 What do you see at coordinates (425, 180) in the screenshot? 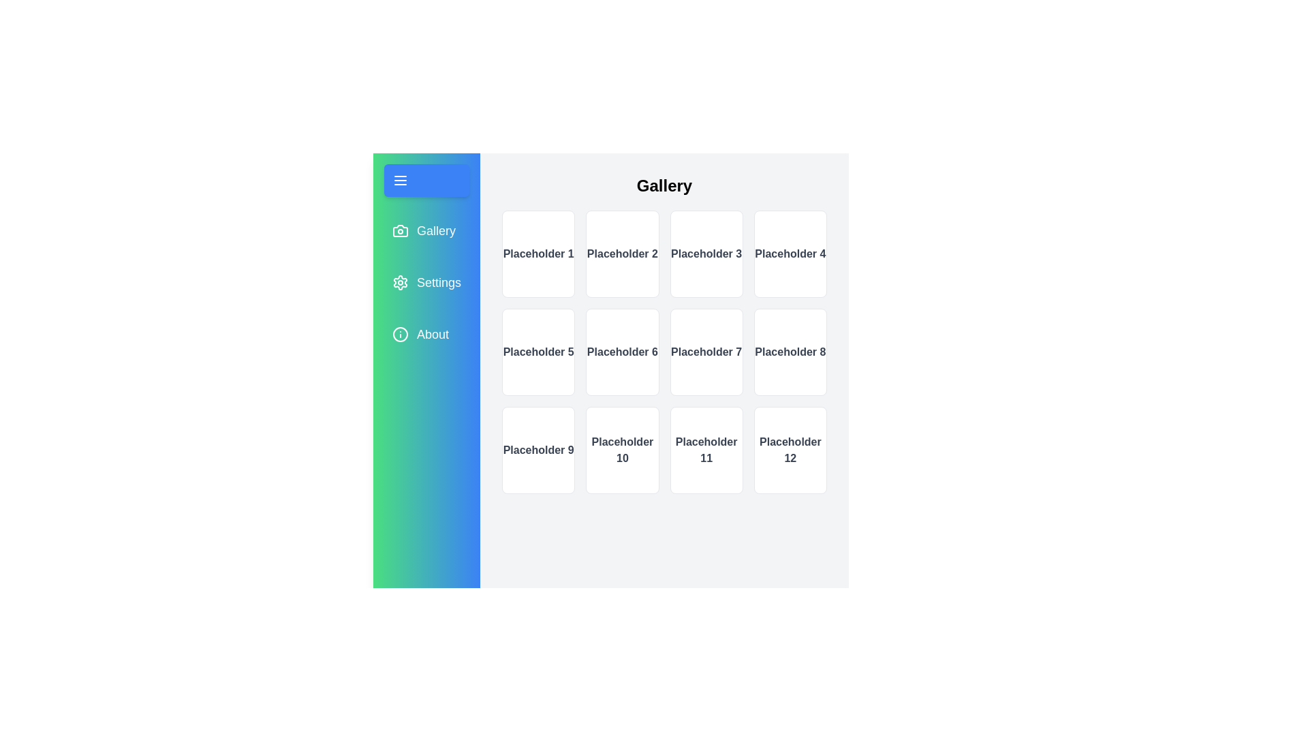
I see `the toggle button to toggle the sidebar open or closed` at bounding box center [425, 180].